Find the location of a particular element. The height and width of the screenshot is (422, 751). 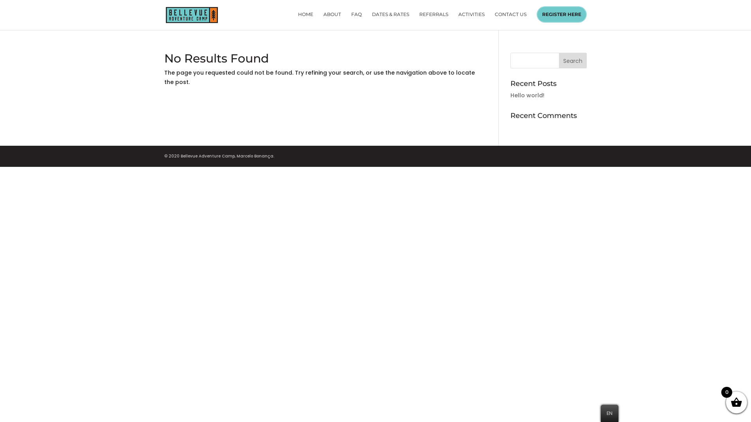

'Hello world!' is located at coordinates (510, 95).